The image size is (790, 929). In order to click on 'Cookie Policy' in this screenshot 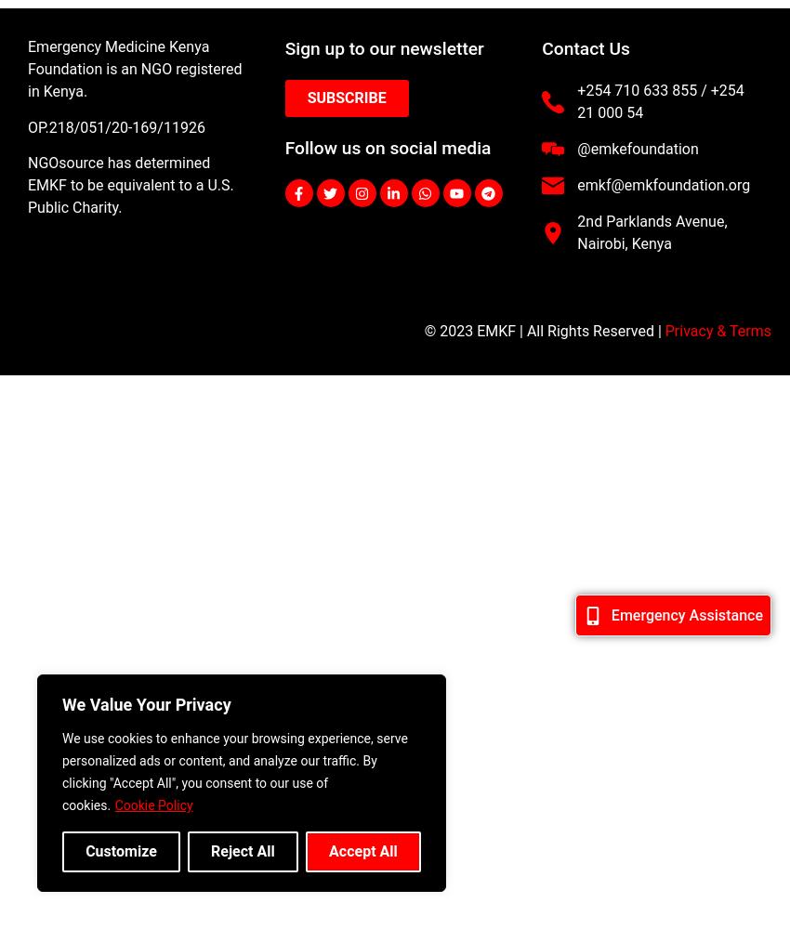, I will do `click(152, 805)`.